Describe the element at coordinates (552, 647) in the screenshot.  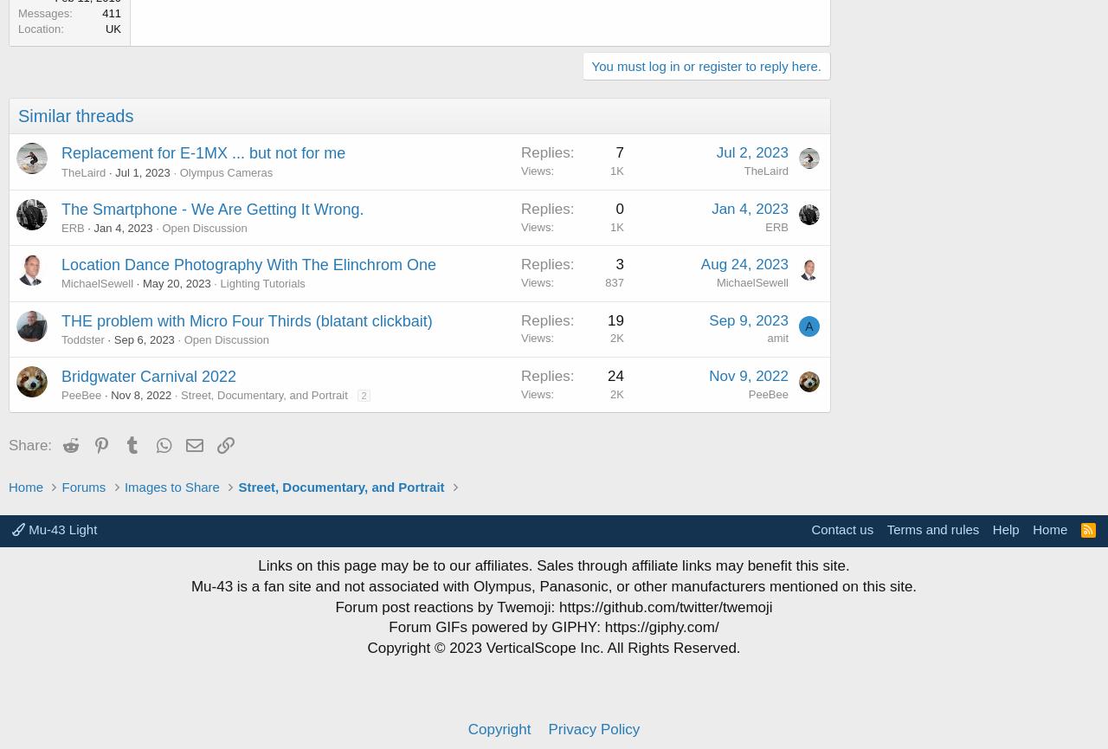
I see `'Copyright © 2023 VerticalScope Inc. All Rights Reserved.'` at that location.